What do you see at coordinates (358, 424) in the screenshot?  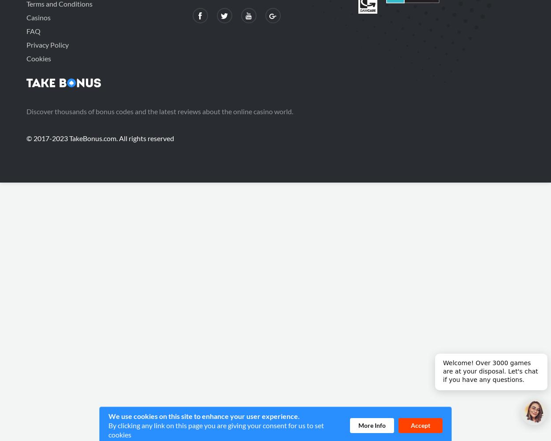 I see `'More Info'` at bounding box center [358, 424].